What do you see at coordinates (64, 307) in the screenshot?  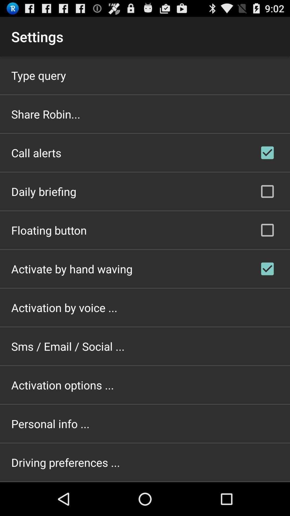 I see `item below activate by hand icon` at bounding box center [64, 307].